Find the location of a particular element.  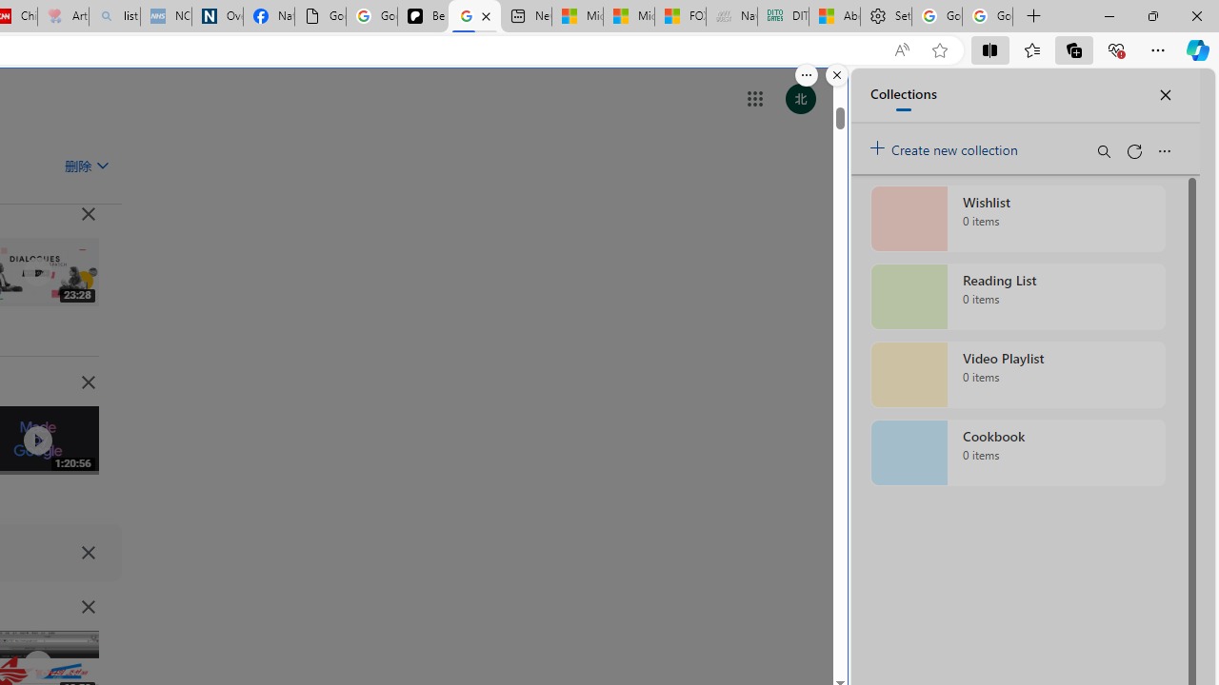

'Class: IVR0f NMm5M' is located at coordinates (37, 664).